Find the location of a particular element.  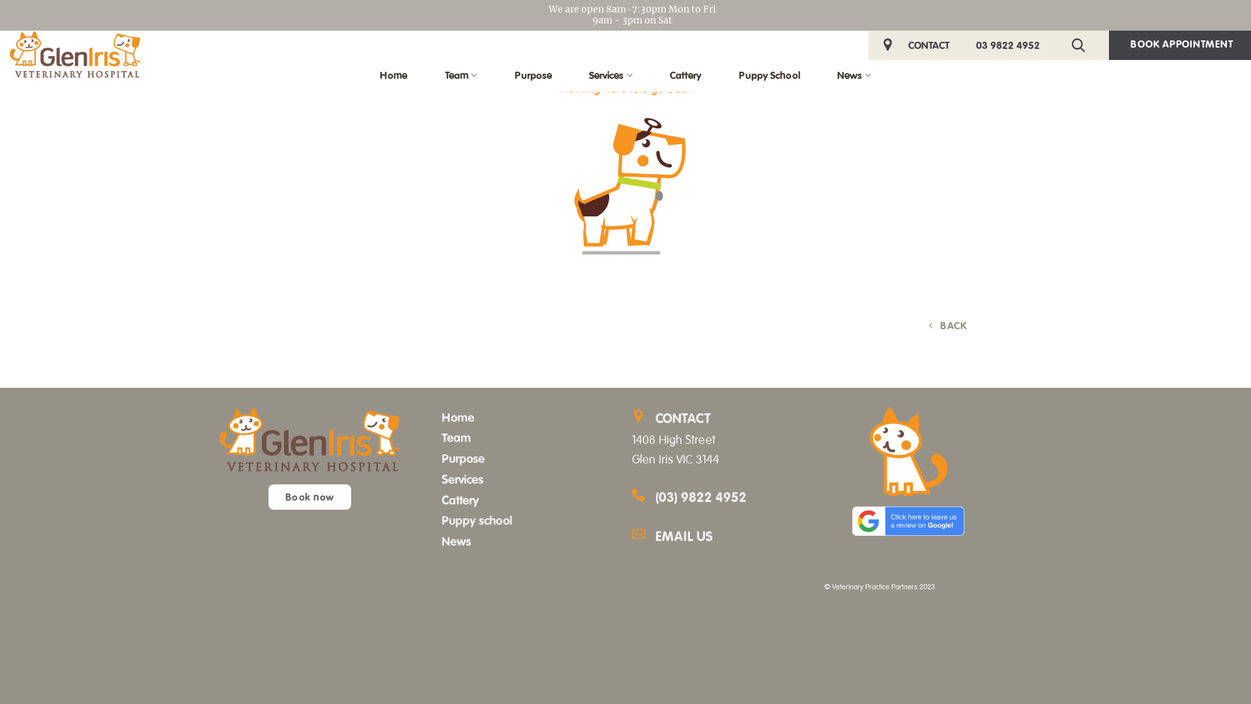

'Puppy school' is located at coordinates (476, 520).